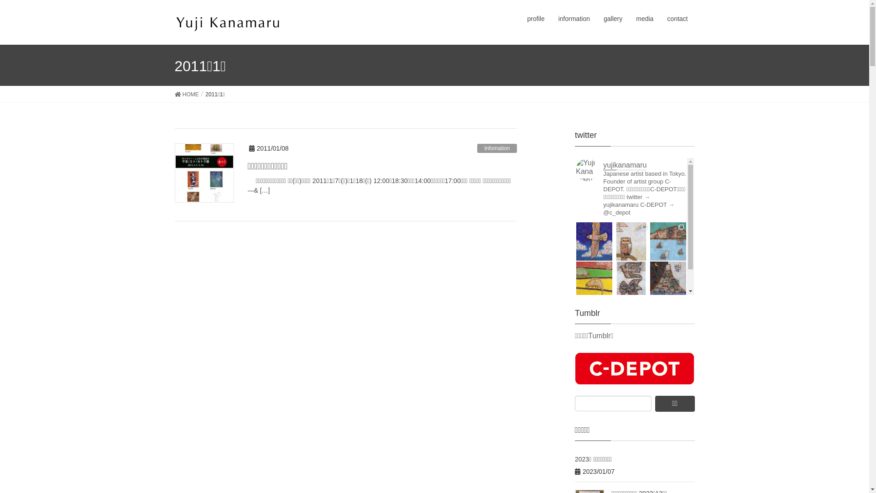  I want to click on 'contact', so click(677, 19).